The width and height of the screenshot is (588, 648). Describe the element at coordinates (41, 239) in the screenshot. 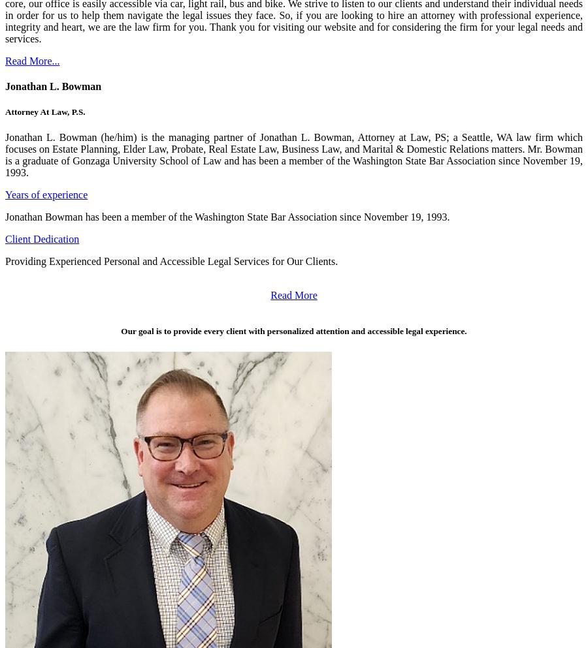

I see `'Client Dedication'` at that location.